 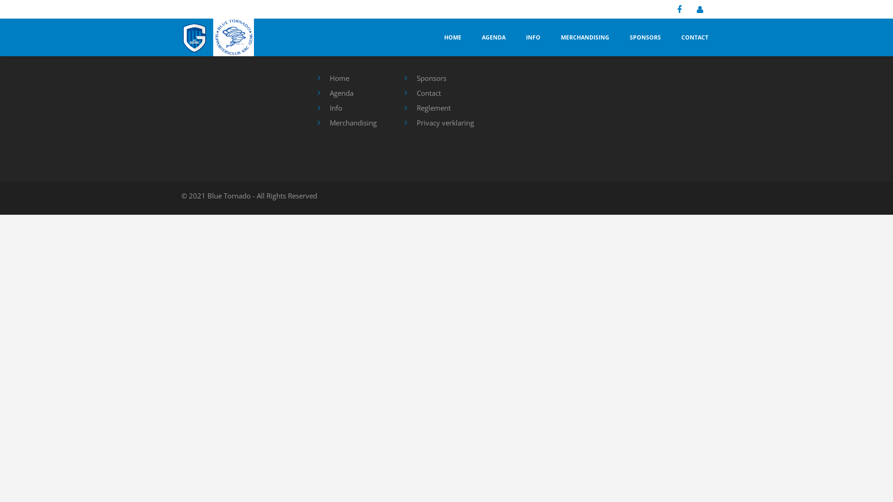 What do you see at coordinates (339, 78) in the screenshot?
I see `'Home'` at bounding box center [339, 78].